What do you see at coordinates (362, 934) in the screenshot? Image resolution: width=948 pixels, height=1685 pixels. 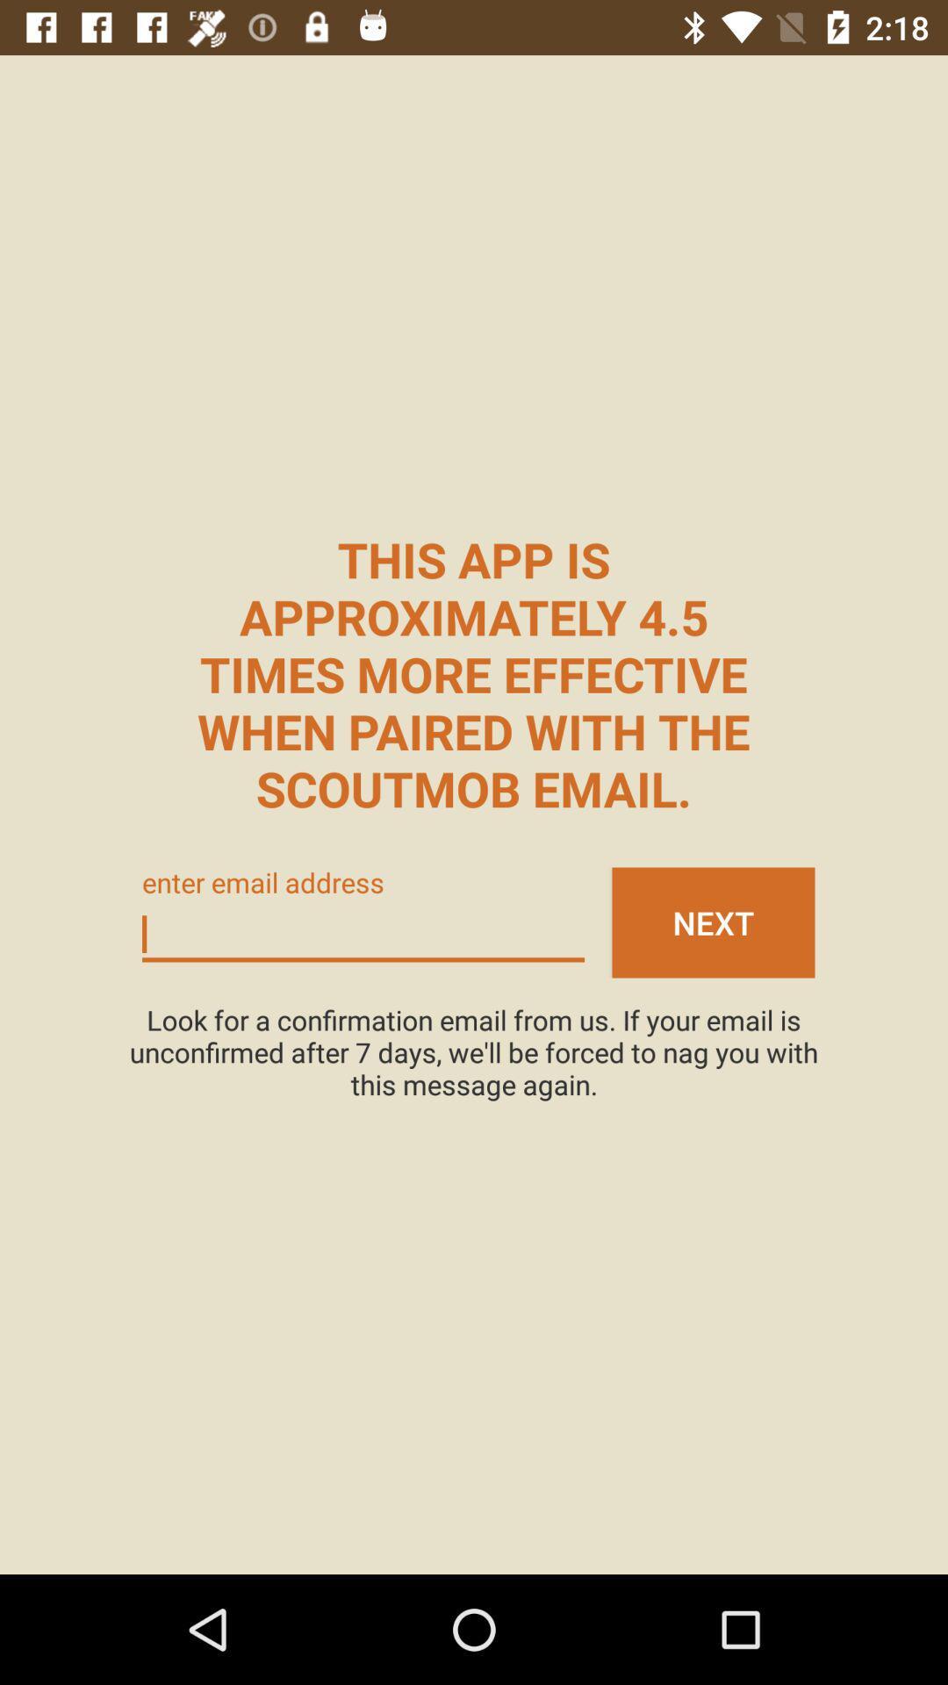 I see `email address` at bounding box center [362, 934].